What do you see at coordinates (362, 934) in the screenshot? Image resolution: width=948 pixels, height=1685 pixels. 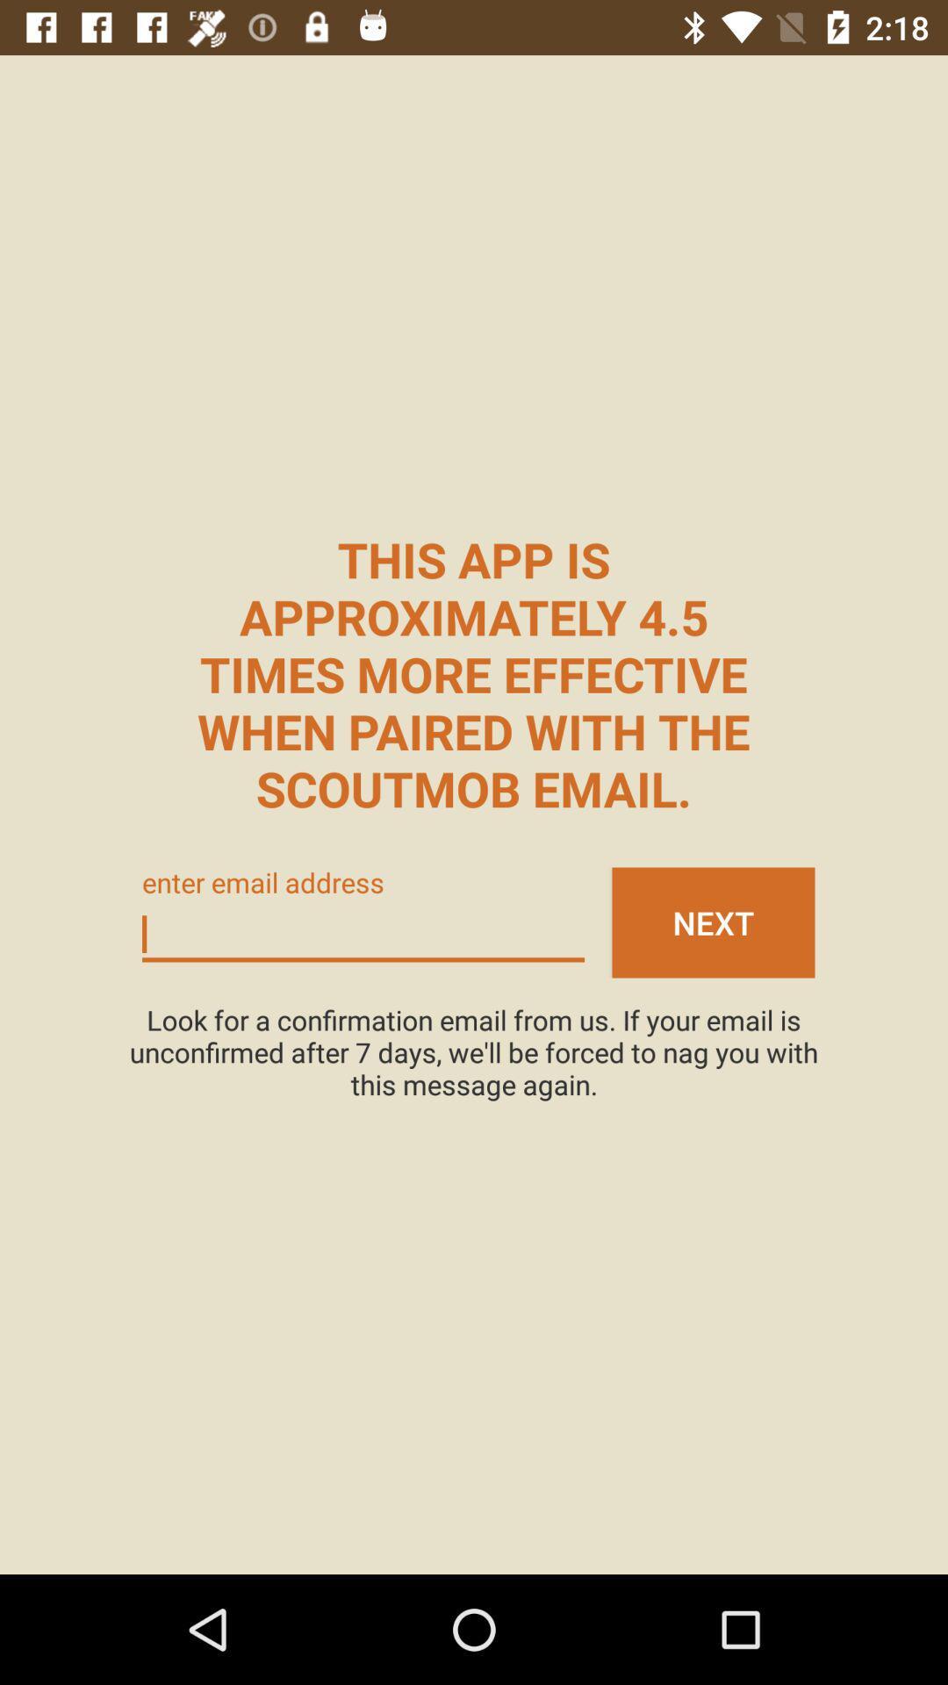 I see `email address` at bounding box center [362, 934].